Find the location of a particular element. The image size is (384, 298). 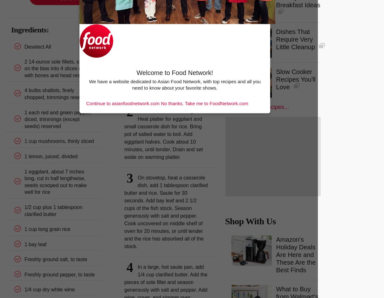

'4 bulbs shallots, finely chopped, trimmings reserved' is located at coordinates (57, 94).